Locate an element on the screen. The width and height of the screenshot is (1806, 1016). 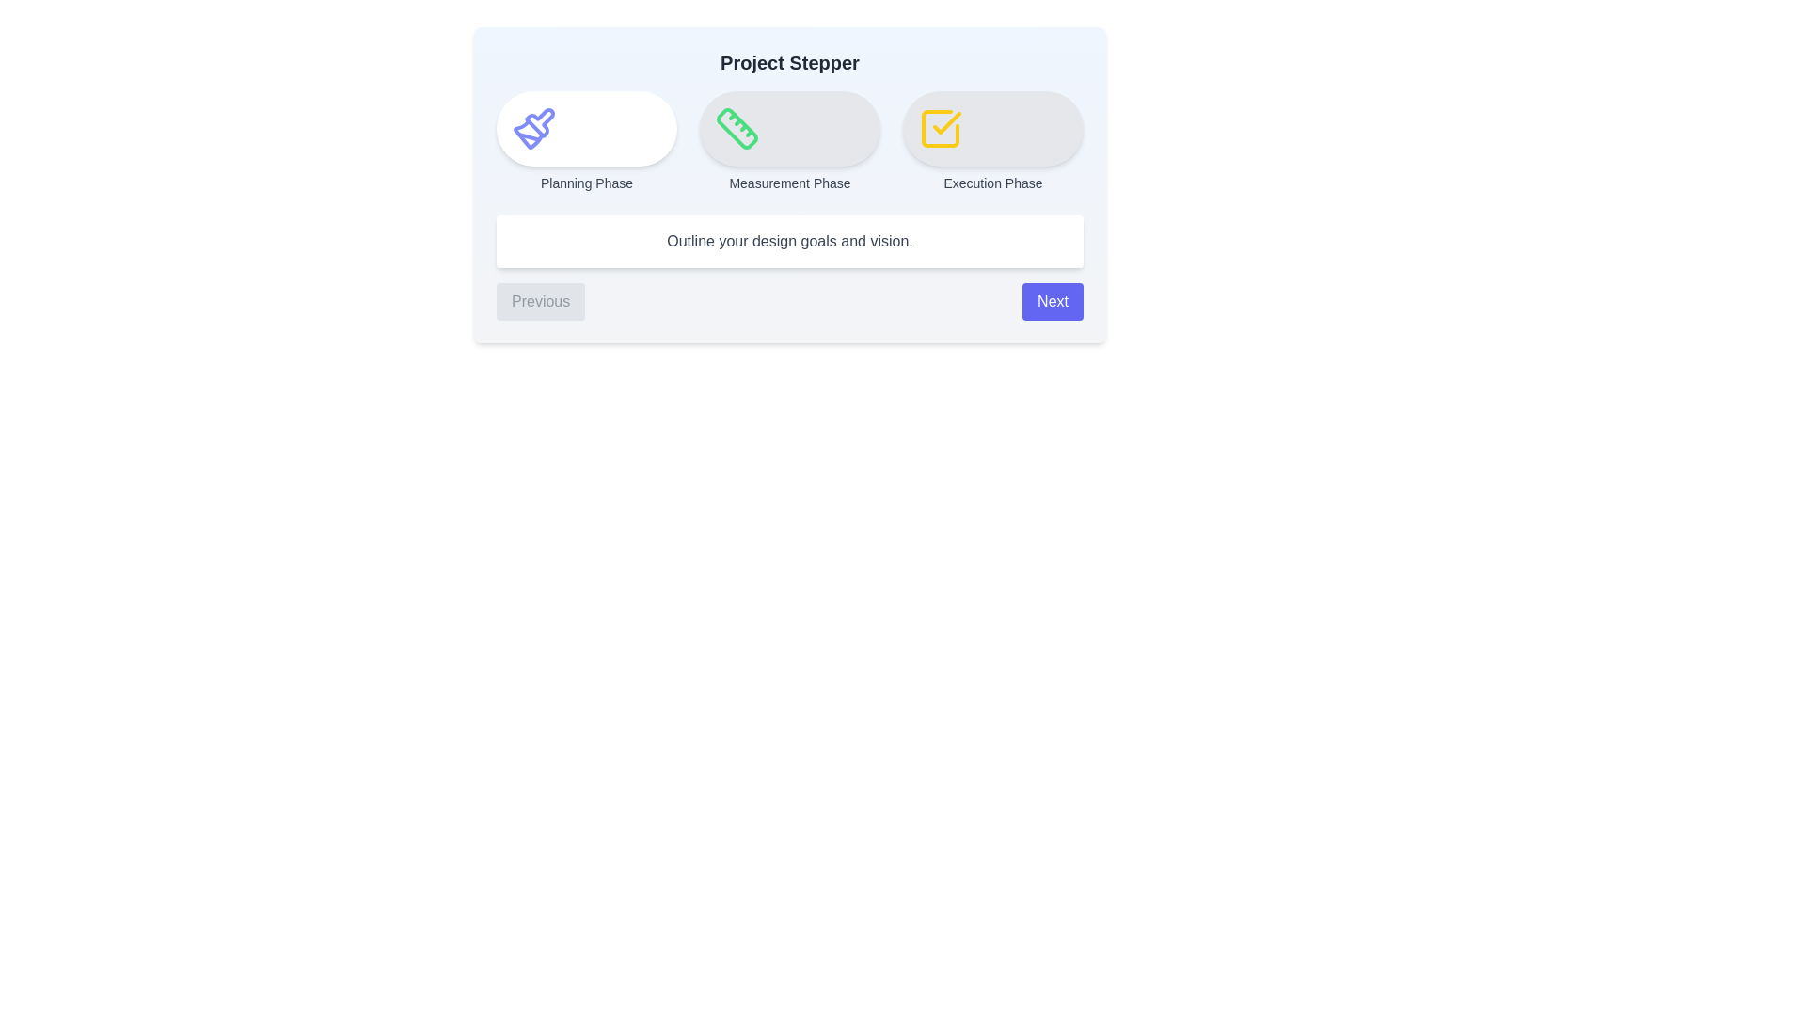
the step icon corresponding to Execution Phase is located at coordinates (992, 128).